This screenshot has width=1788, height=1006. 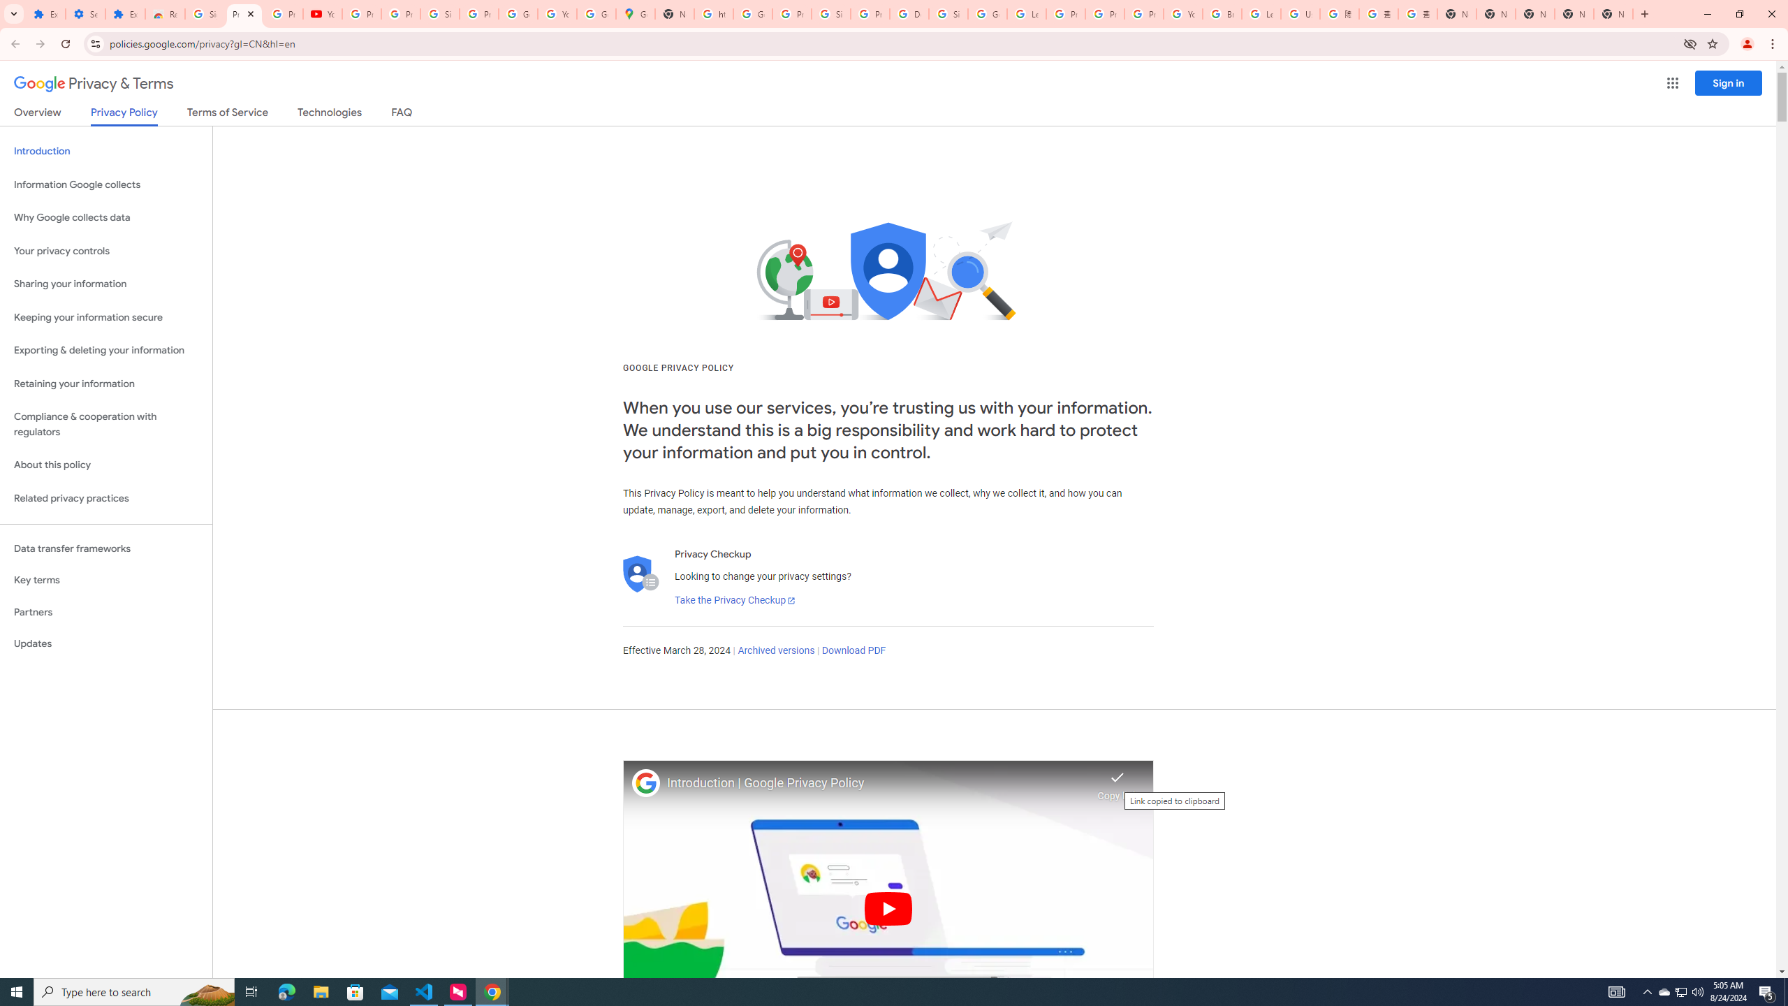 What do you see at coordinates (888, 907) in the screenshot?
I see `'Play'` at bounding box center [888, 907].